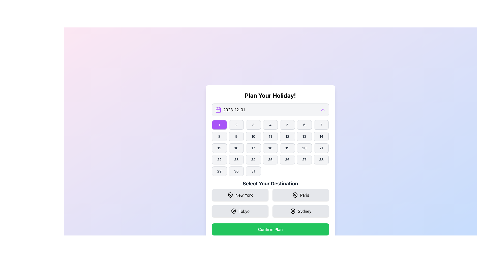 This screenshot has width=484, height=272. Describe the element at coordinates (304, 125) in the screenshot. I see `the button labeled '6' which is a rectangular button with rounded corners, located in the top row of the calendar day buttons grid` at that location.